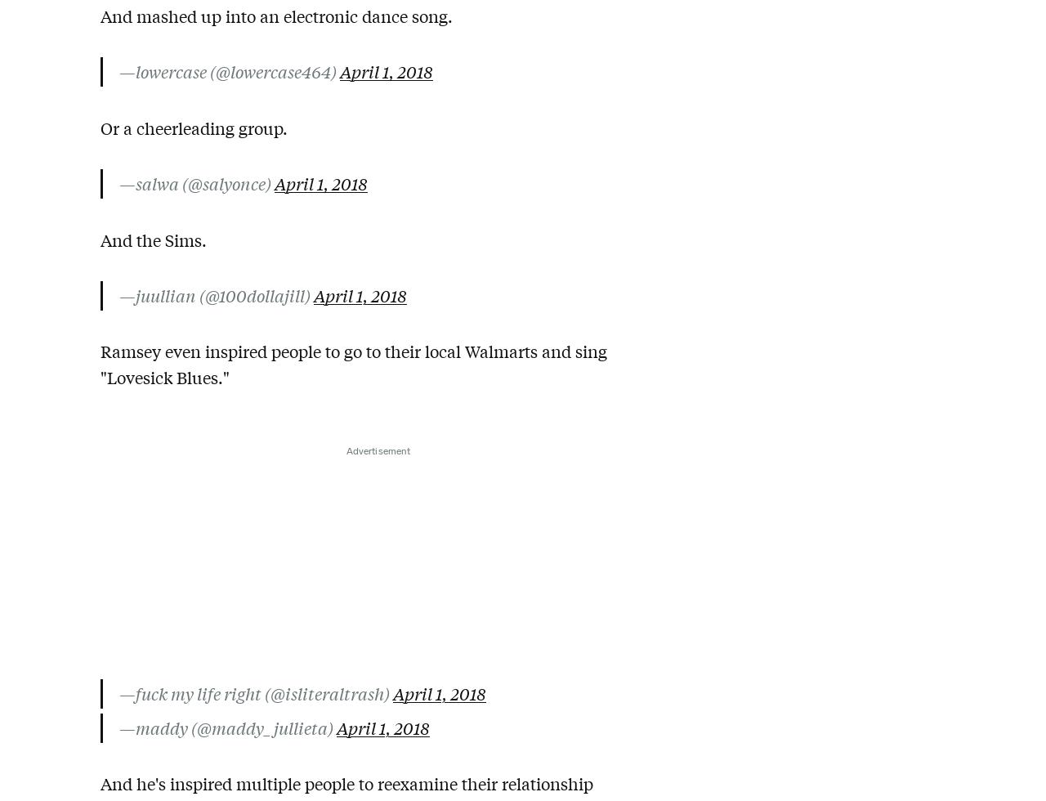  What do you see at coordinates (100, 364) in the screenshot?
I see `'Ramsey even inspired people to go to their local Walmarts and sing "Lovesick Blues."'` at bounding box center [100, 364].